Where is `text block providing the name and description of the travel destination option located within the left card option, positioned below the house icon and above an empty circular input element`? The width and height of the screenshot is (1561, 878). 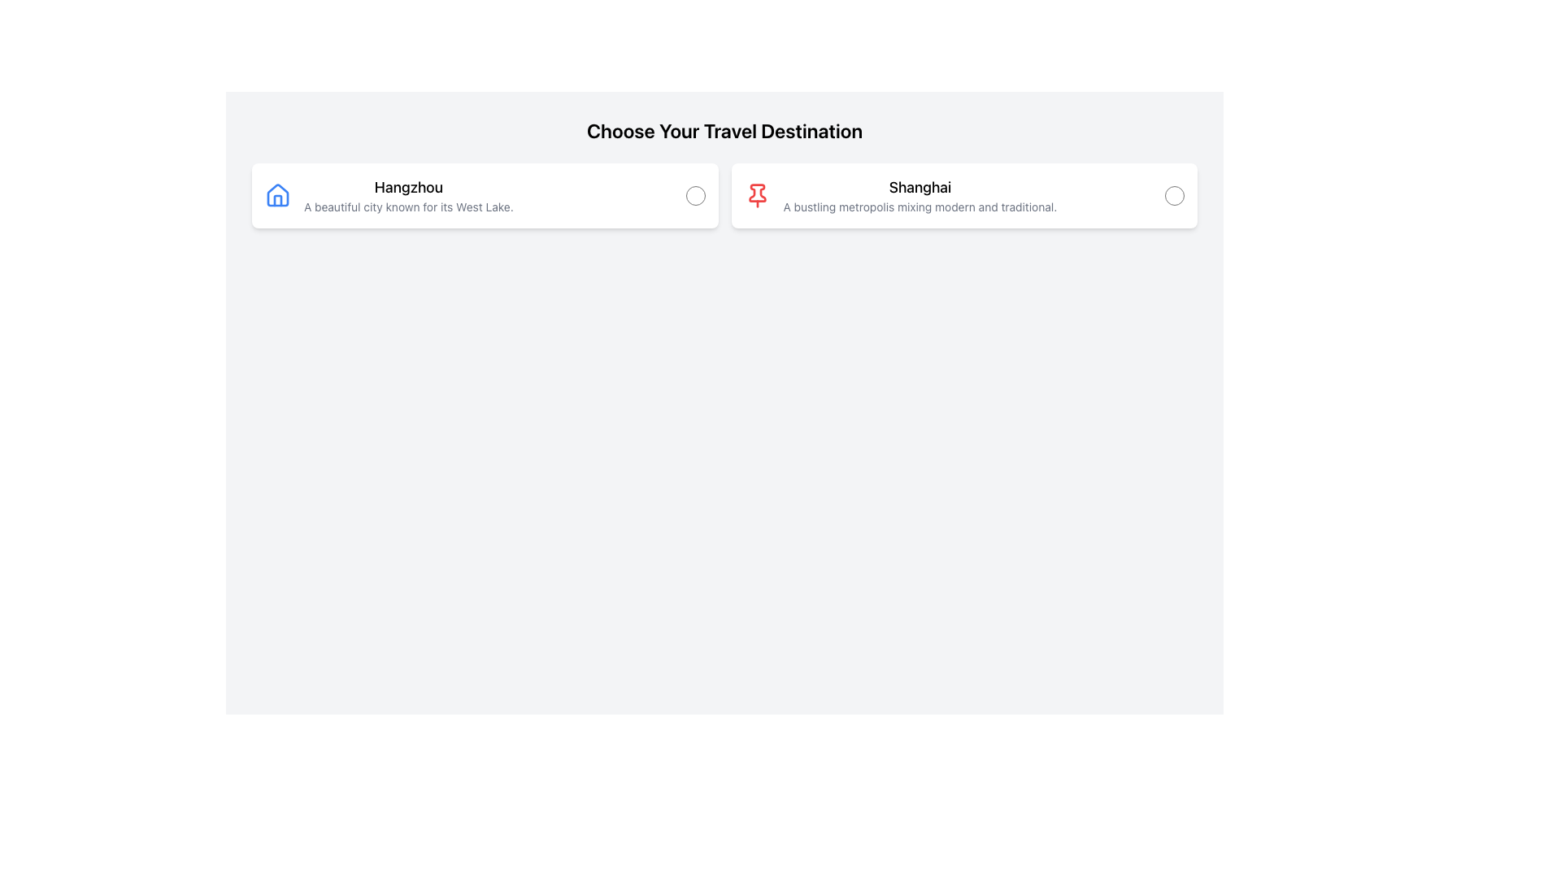 text block providing the name and description of the travel destination option located within the left card option, positioned below the house icon and above an empty circular input element is located at coordinates (408, 194).